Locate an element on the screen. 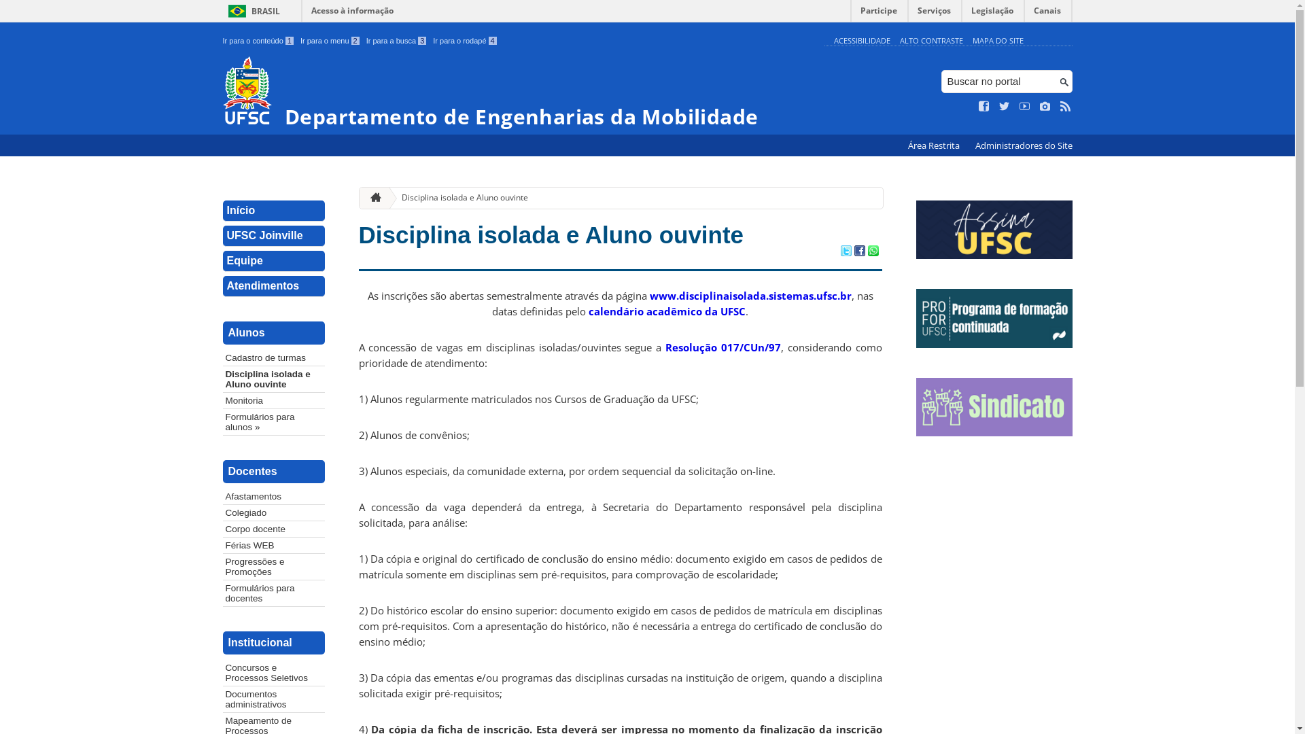 This screenshot has width=1305, height=734. 'Corpo docente' is located at coordinates (273, 528).